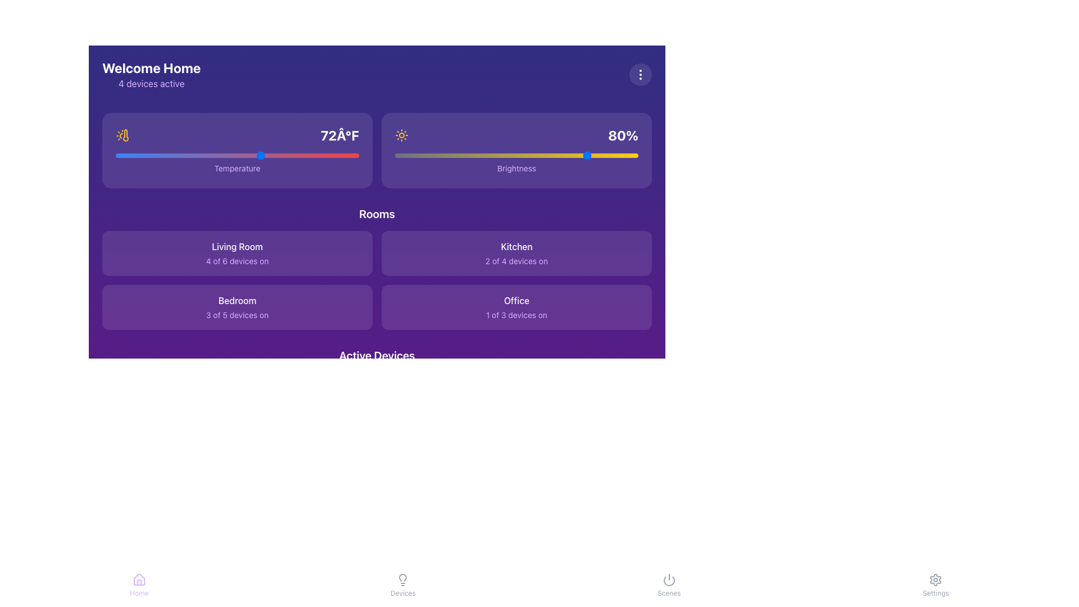 The height and width of the screenshot is (607, 1079). What do you see at coordinates (623, 134) in the screenshot?
I see `the static text label displaying '80%' on a purple background, located at the right end of the brightness slider` at bounding box center [623, 134].